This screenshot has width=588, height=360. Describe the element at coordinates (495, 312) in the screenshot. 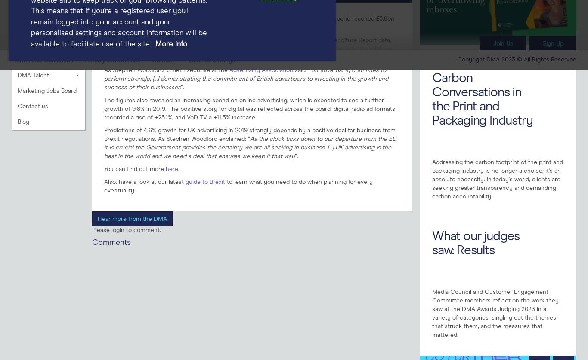

I see `'Media Council and Customer Engagement Committee members reflect on the work they saw at the DMA Awards Judging 2023 in a variety of categories, singling out the themes that struck them, and the measures that mattered.'` at that location.